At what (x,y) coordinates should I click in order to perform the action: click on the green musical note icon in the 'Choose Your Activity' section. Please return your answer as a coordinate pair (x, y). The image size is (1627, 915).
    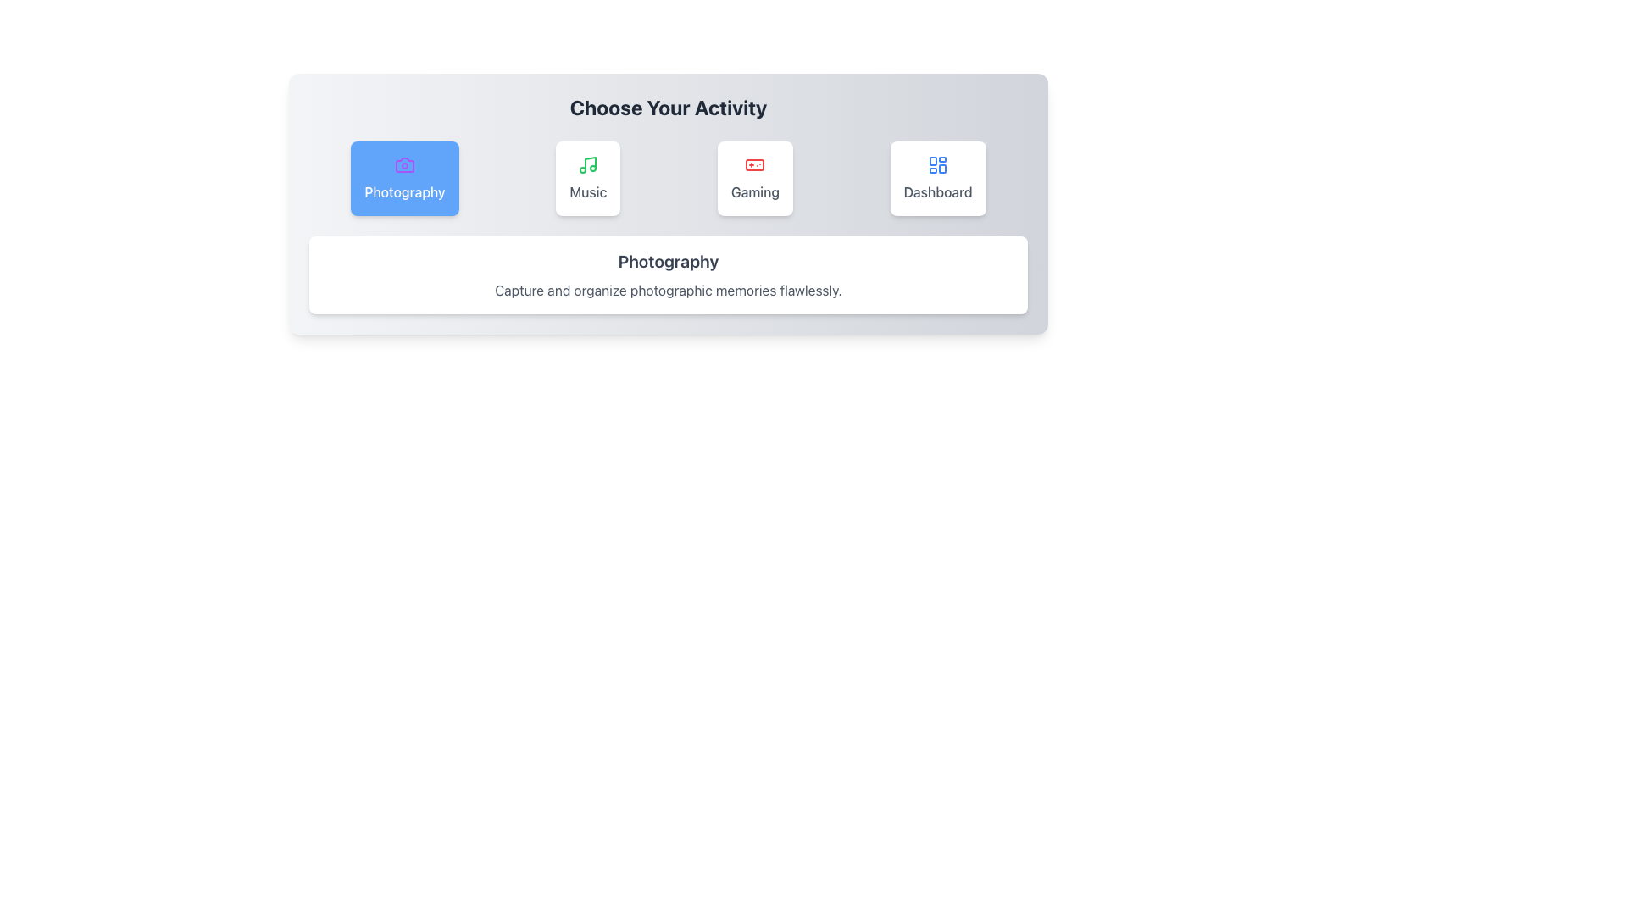
    Looking at the image, I should click on (588, 165).